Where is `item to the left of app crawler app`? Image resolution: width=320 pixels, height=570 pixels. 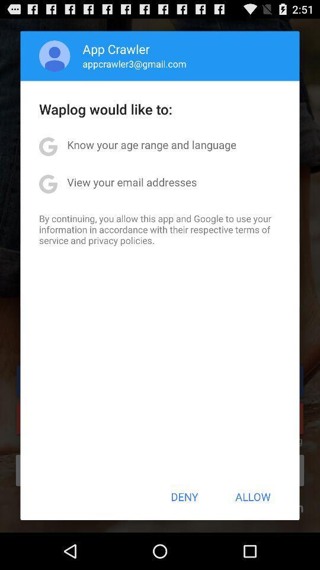
item to the left of app crawler app is located at coordinates (54, 56).